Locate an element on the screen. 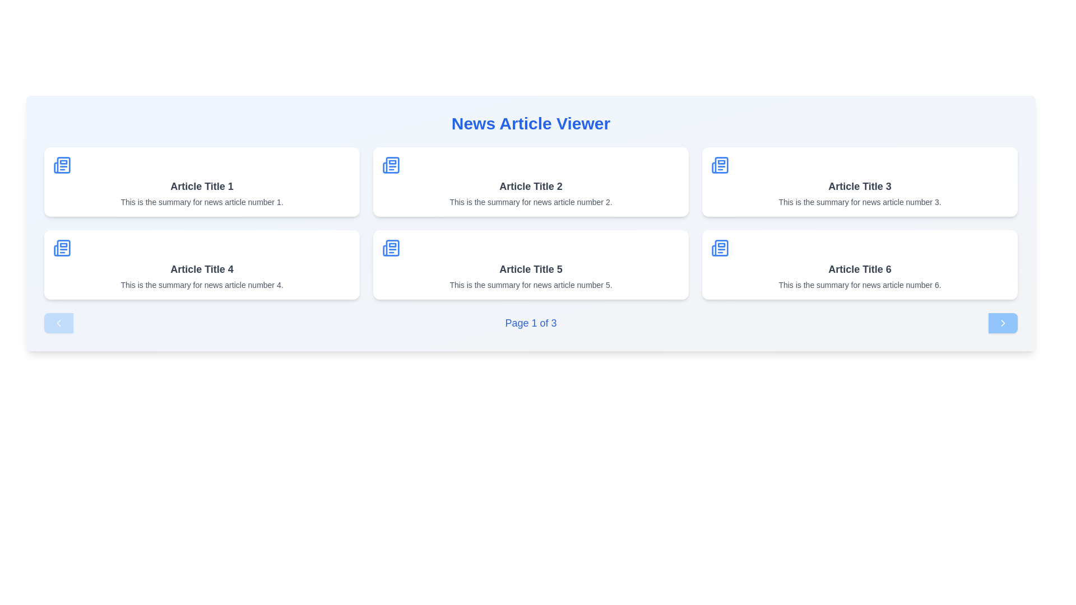 Image resolution: width=1076 pixels, height=605 pixels. the blue newspaper SVG icon located to the left of the textual information about 'Article Title 5' is located at coordinates (391, 248).